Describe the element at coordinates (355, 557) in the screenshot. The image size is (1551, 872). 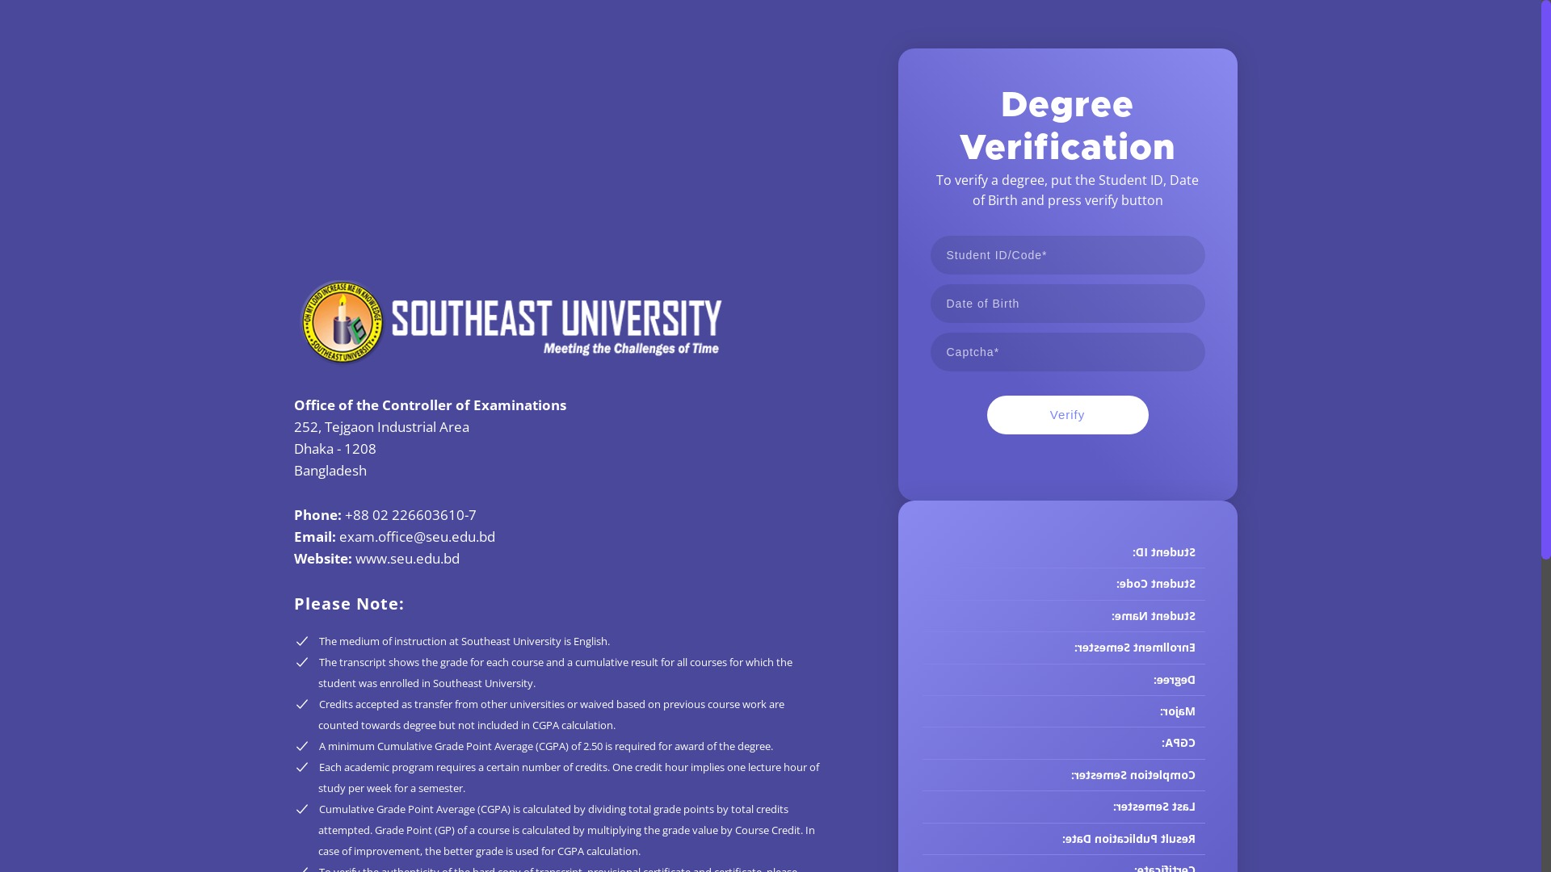
I see `'www.seu.edu.bd'` at that location.